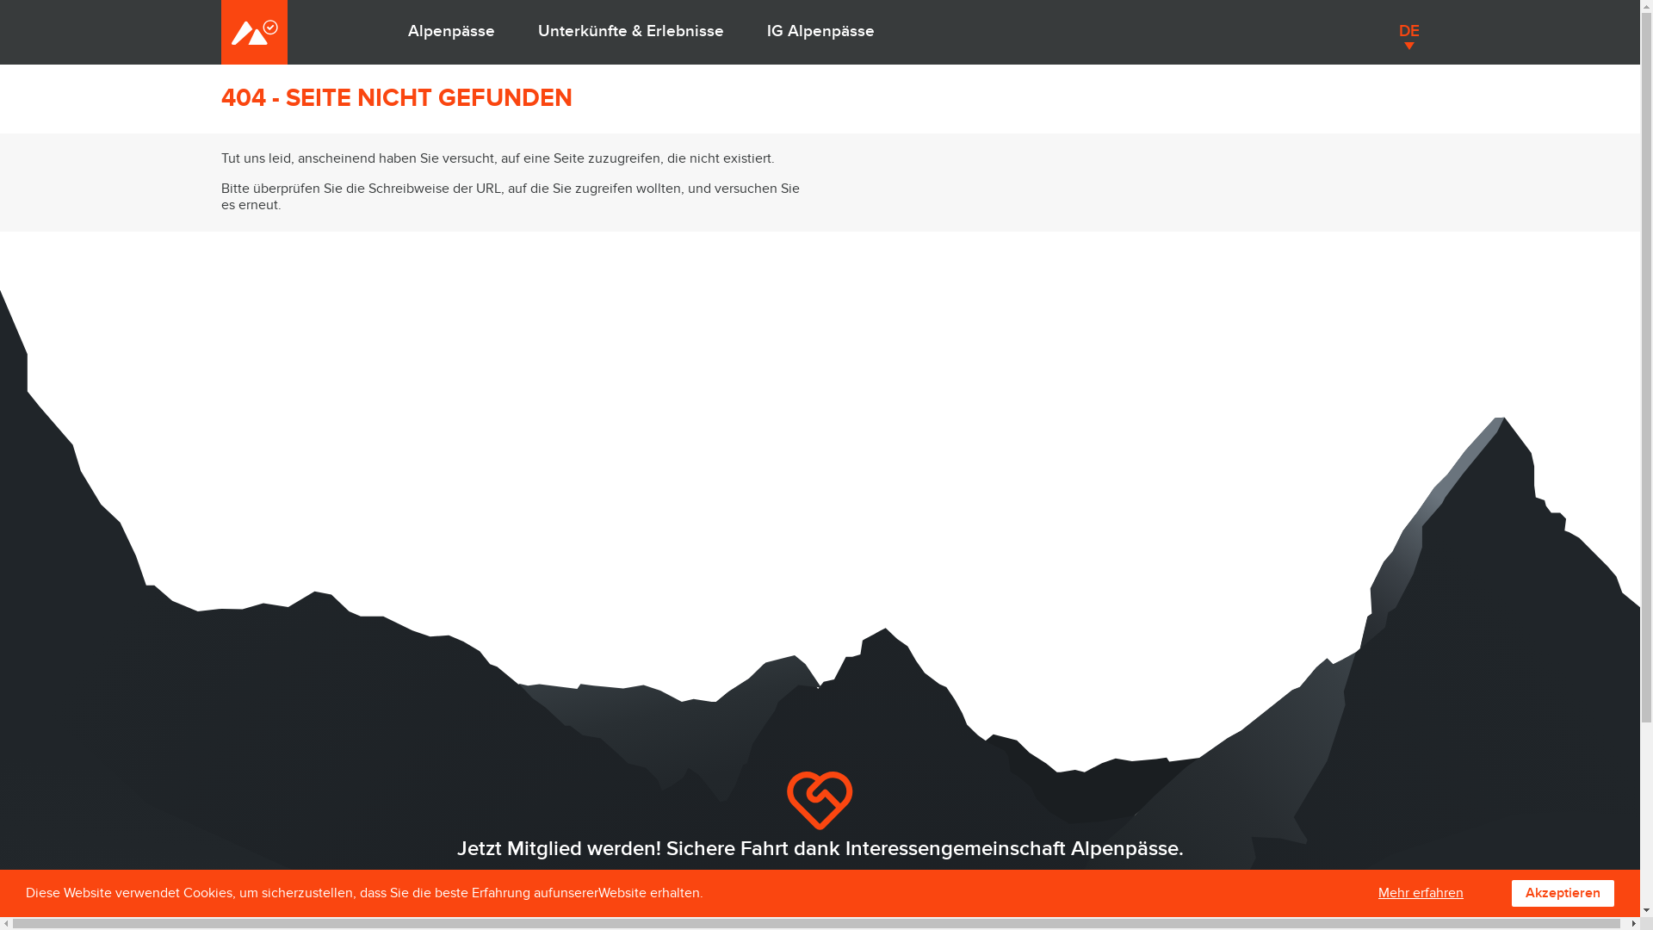 This screenshot has width=1653, height=930. What do you see at coordinates (1563, 892) in the screenshot?
I see `'Akzeptieren'` at bounding box center [1563, 892].